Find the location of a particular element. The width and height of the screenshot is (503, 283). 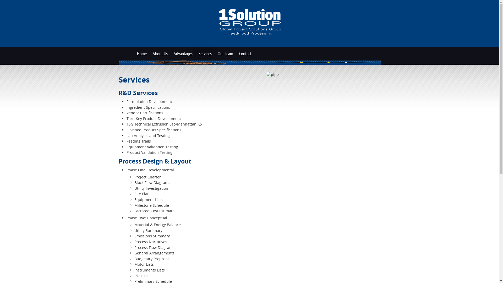

'Advantages' is located at coordinates (181, 53).